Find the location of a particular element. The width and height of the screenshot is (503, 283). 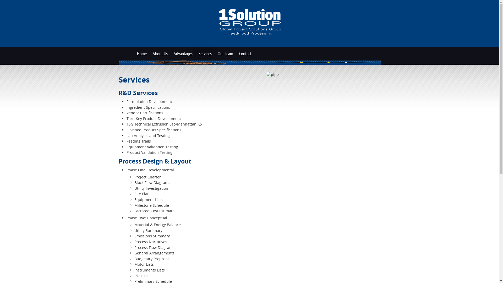

'Advantages' is located at coordinates (181, 53).